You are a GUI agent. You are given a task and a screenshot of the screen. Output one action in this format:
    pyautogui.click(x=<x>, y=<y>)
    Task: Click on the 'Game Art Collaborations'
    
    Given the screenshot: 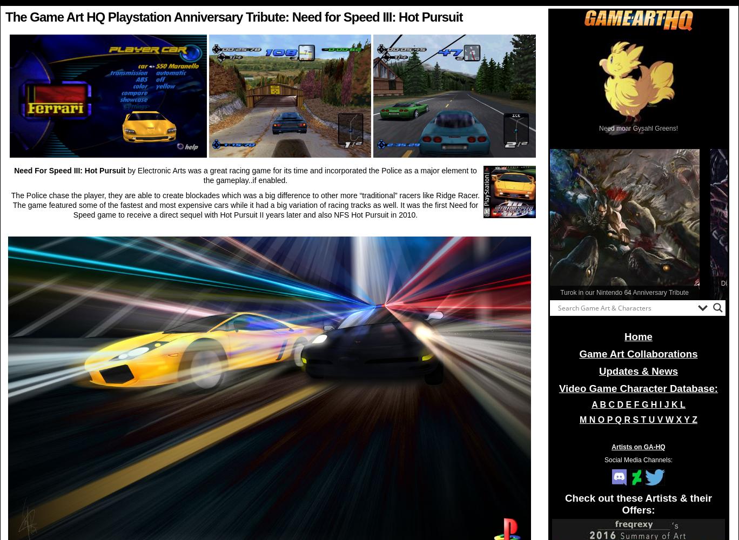 What is the action you would take?
    pyautogui.click(x=638, y=354)
    